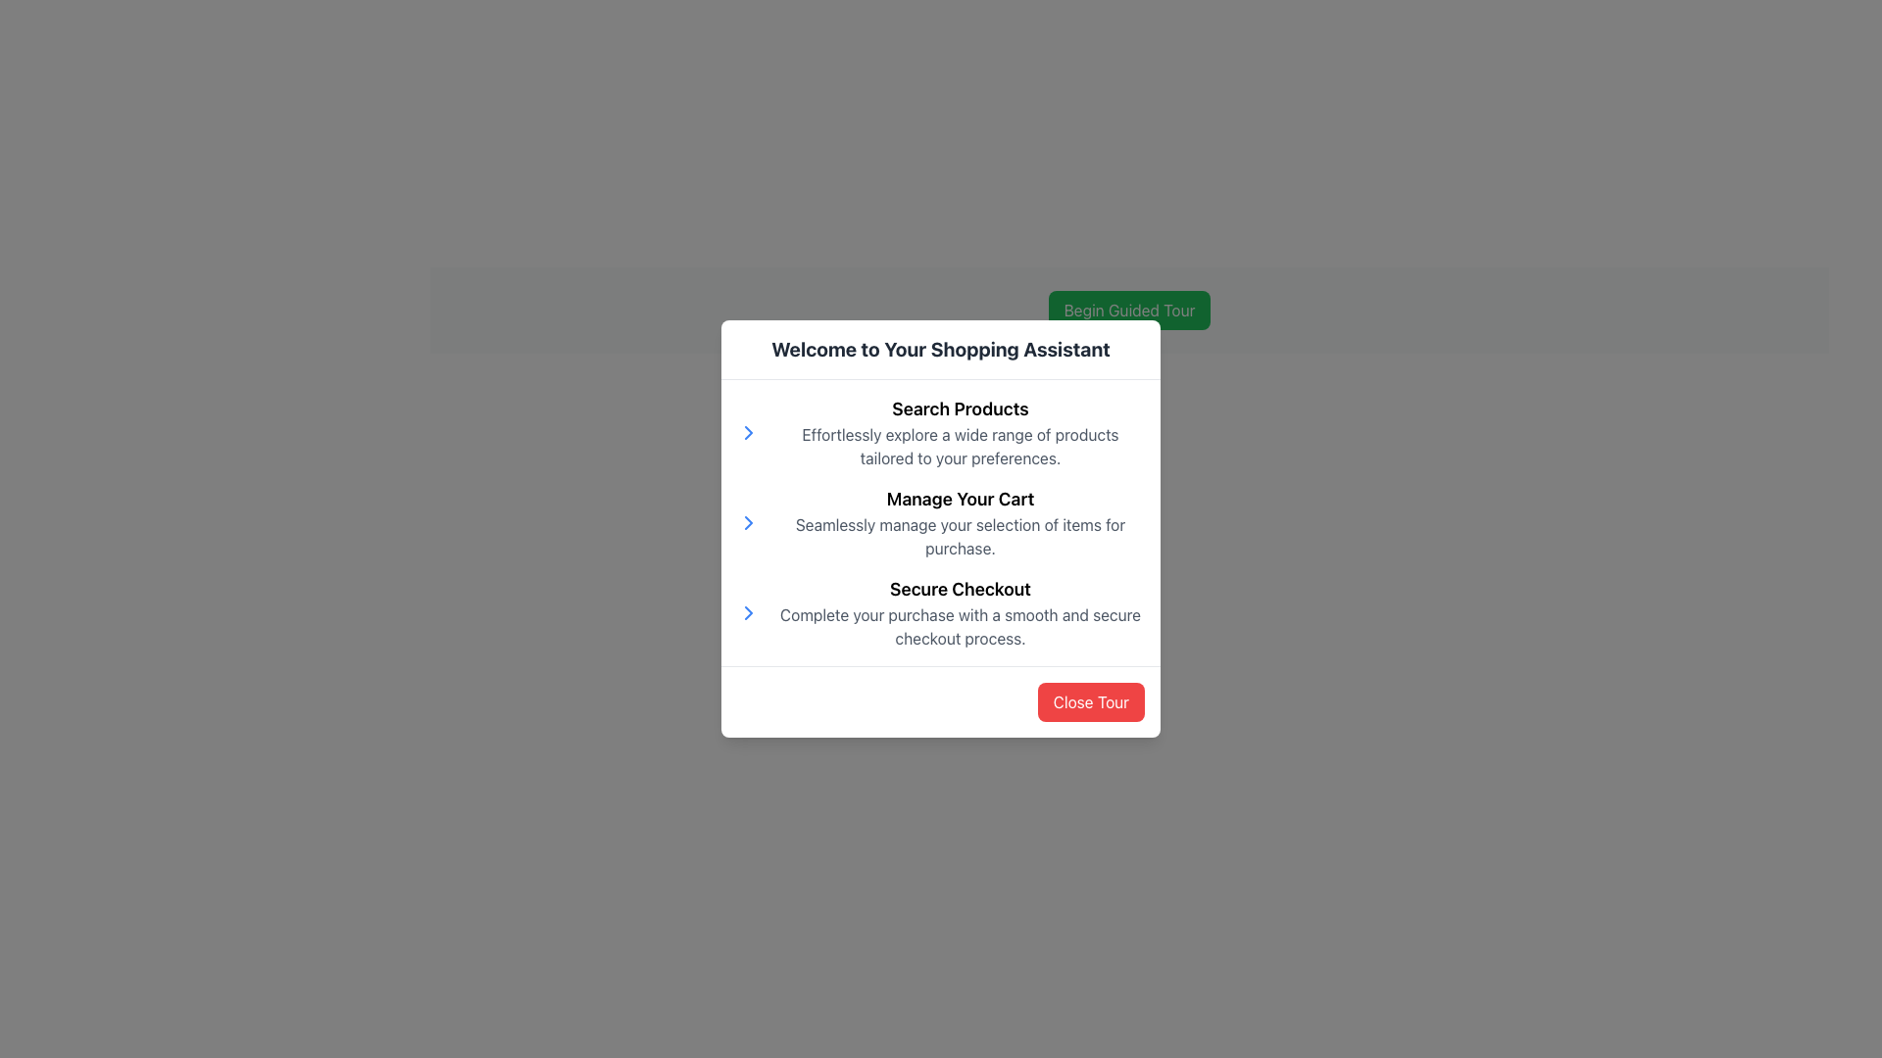  What do you see at coordinates (960, 627) in the screenshot?
I see `text label that states 'Complete your purchase with a smooth and secure checkout process.' positioned under the 'Secure Checkout' heading` at bounding box center [960, 627].